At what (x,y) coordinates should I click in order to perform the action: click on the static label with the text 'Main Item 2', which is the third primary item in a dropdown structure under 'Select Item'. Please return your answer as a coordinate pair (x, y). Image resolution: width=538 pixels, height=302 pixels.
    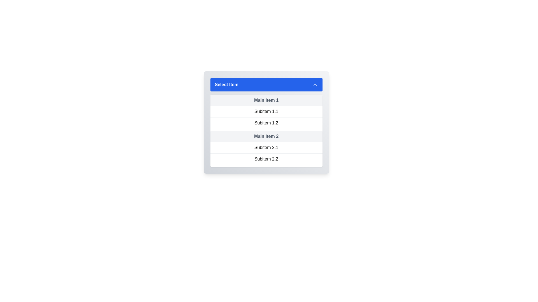
    Looking at the image, I should click on (266, 136).